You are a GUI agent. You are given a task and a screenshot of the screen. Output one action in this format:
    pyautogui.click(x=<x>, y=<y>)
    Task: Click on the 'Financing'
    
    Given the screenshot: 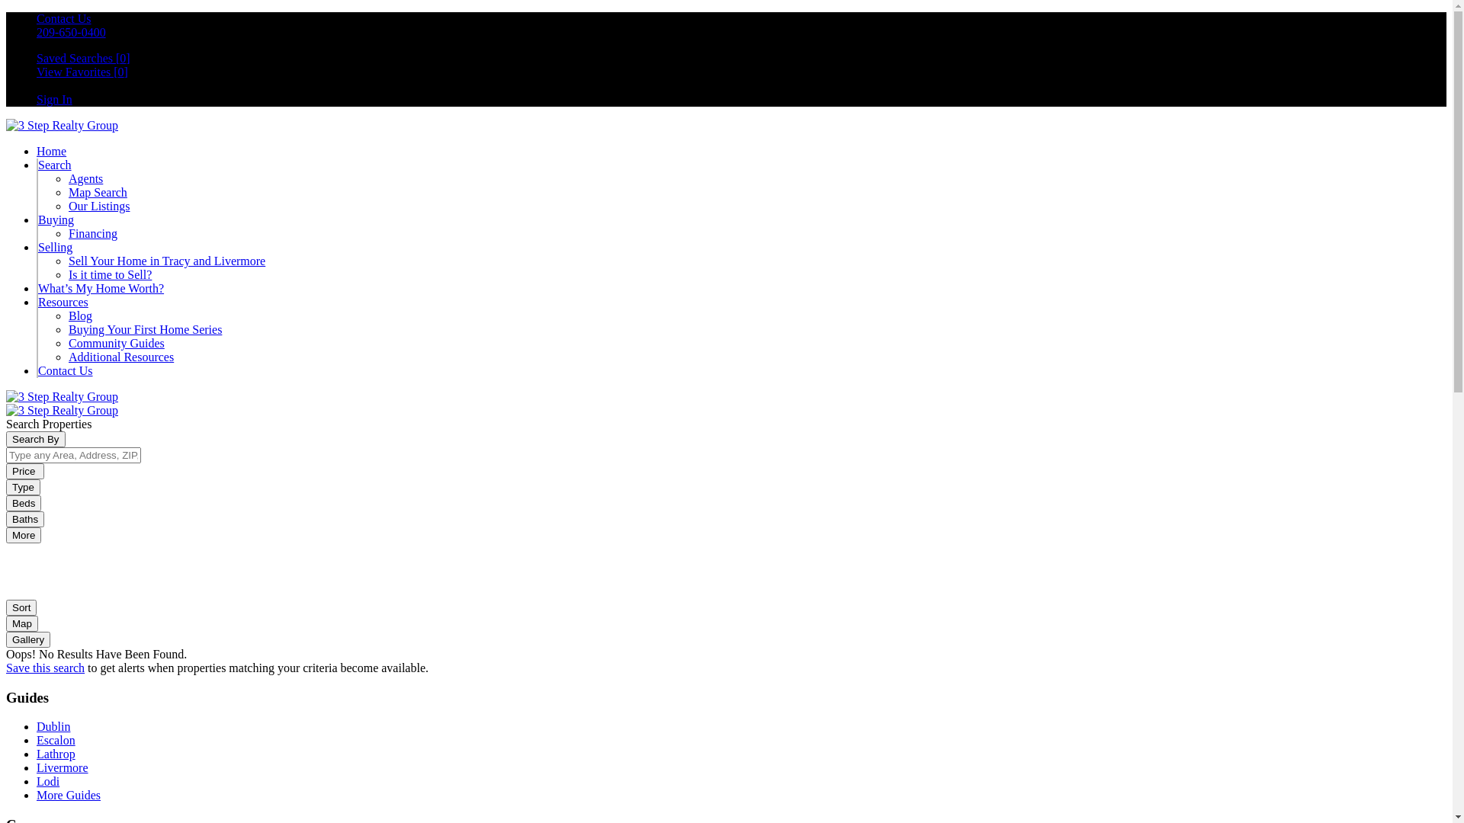 What is the action you would take?
    pyautogui.click(x=91, y=233)
    